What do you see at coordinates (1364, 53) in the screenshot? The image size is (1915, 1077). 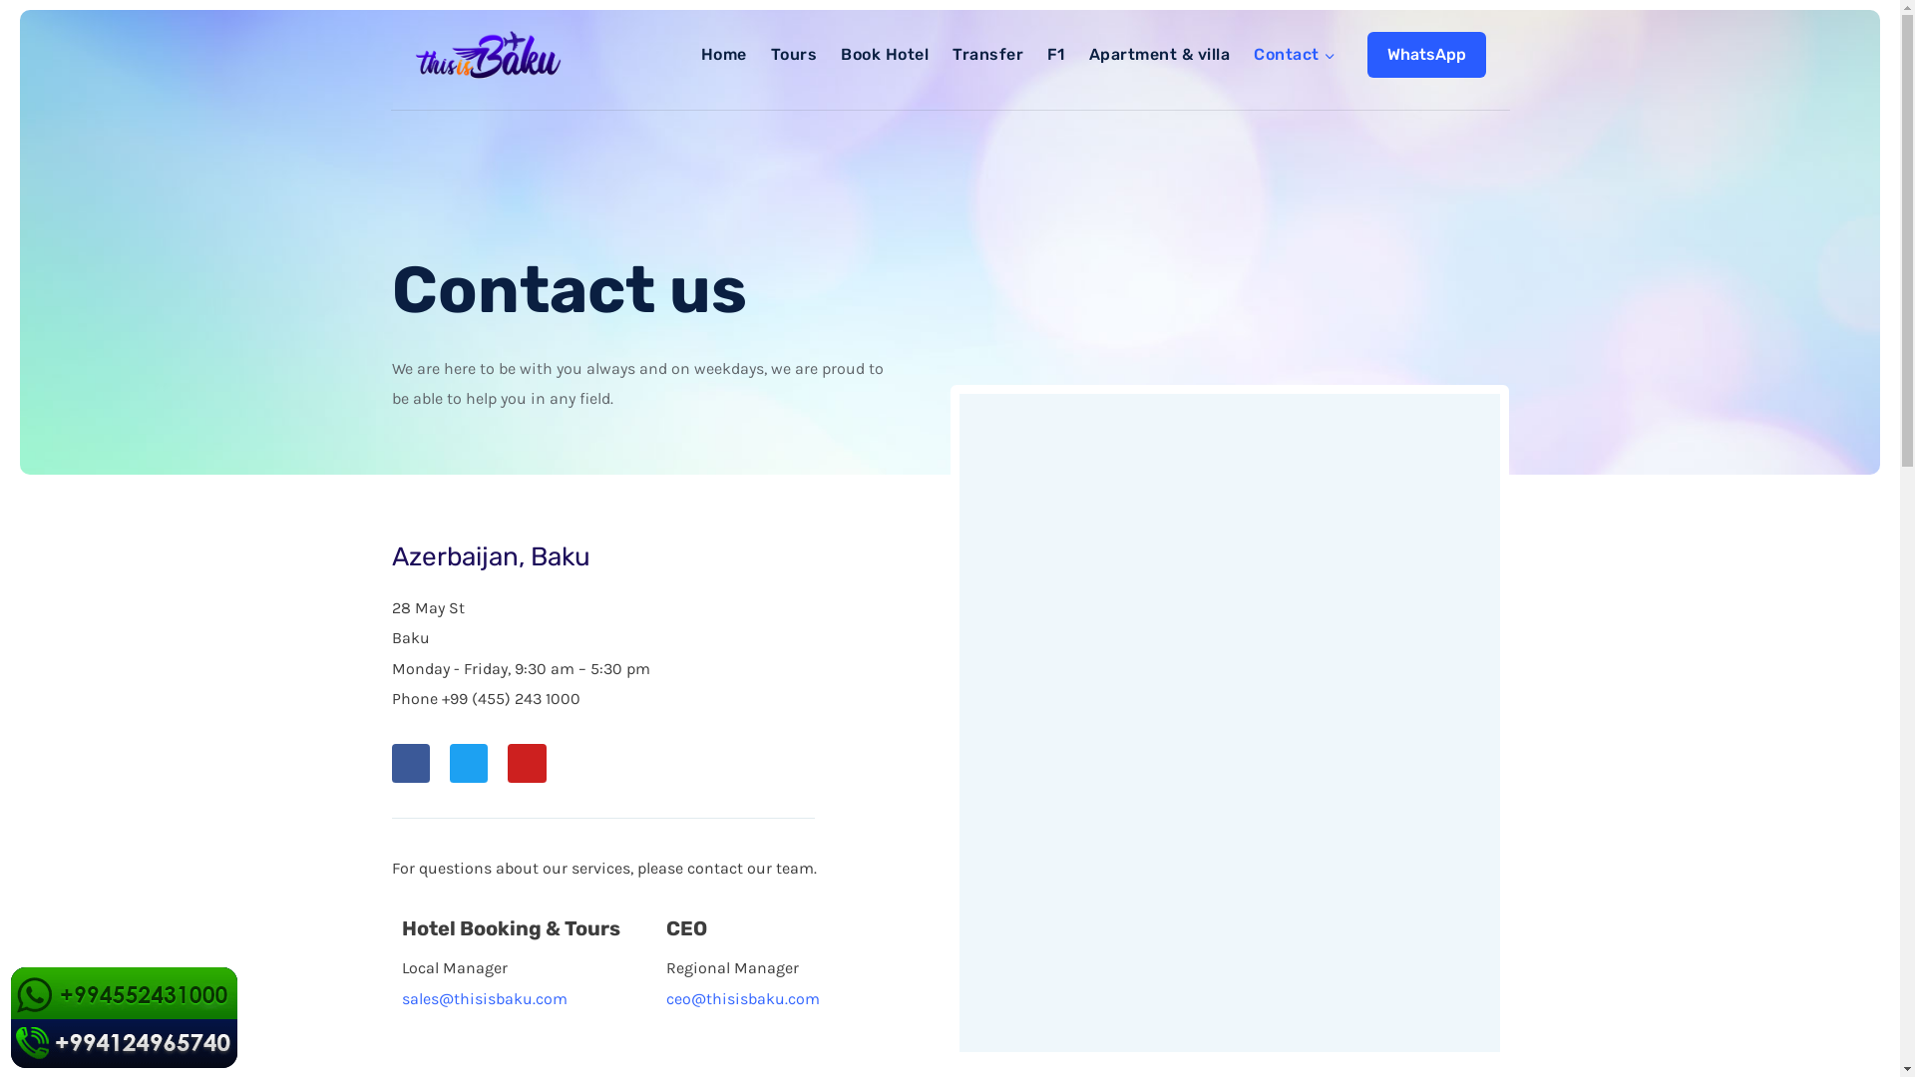 I see `'WhatsApp'` at bounding box center [1364, 53].